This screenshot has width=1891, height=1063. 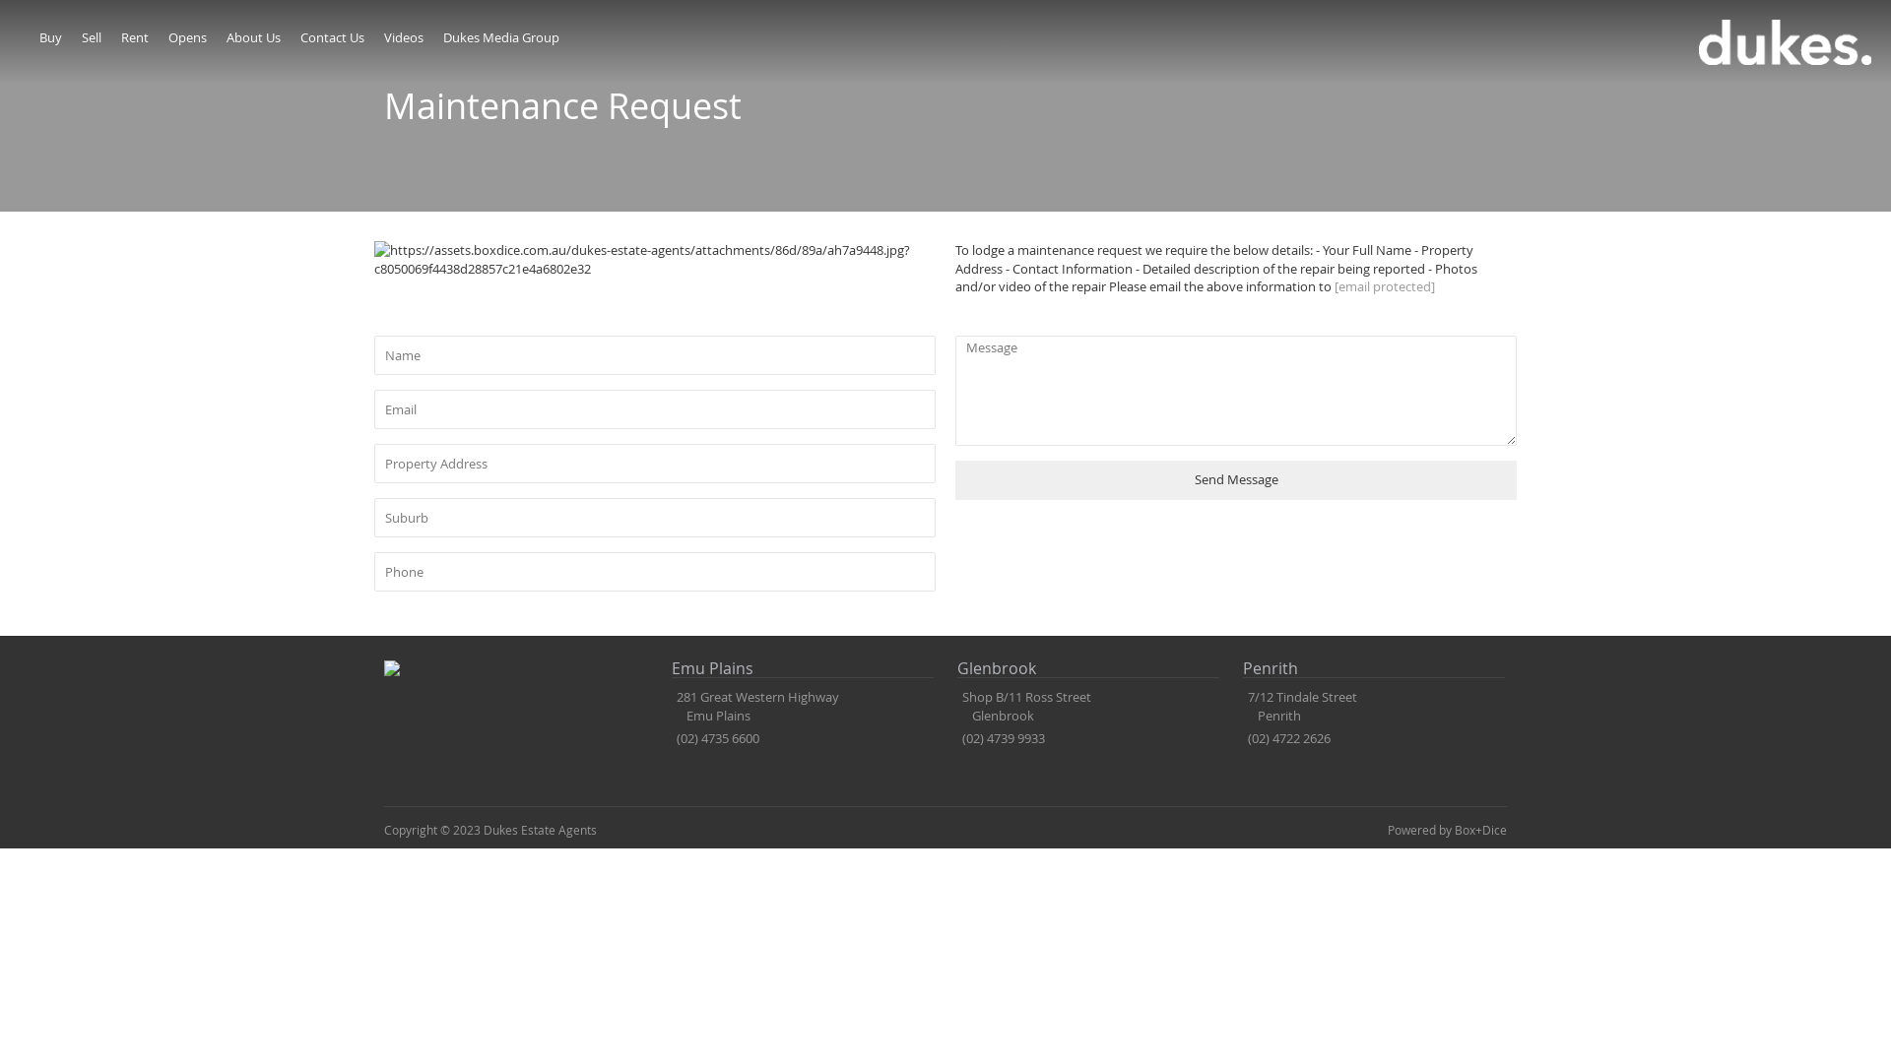 What do you see at coordinates (50, 37) in the screenshot?
I see `'Buy'` at bounding box center [50, 37].